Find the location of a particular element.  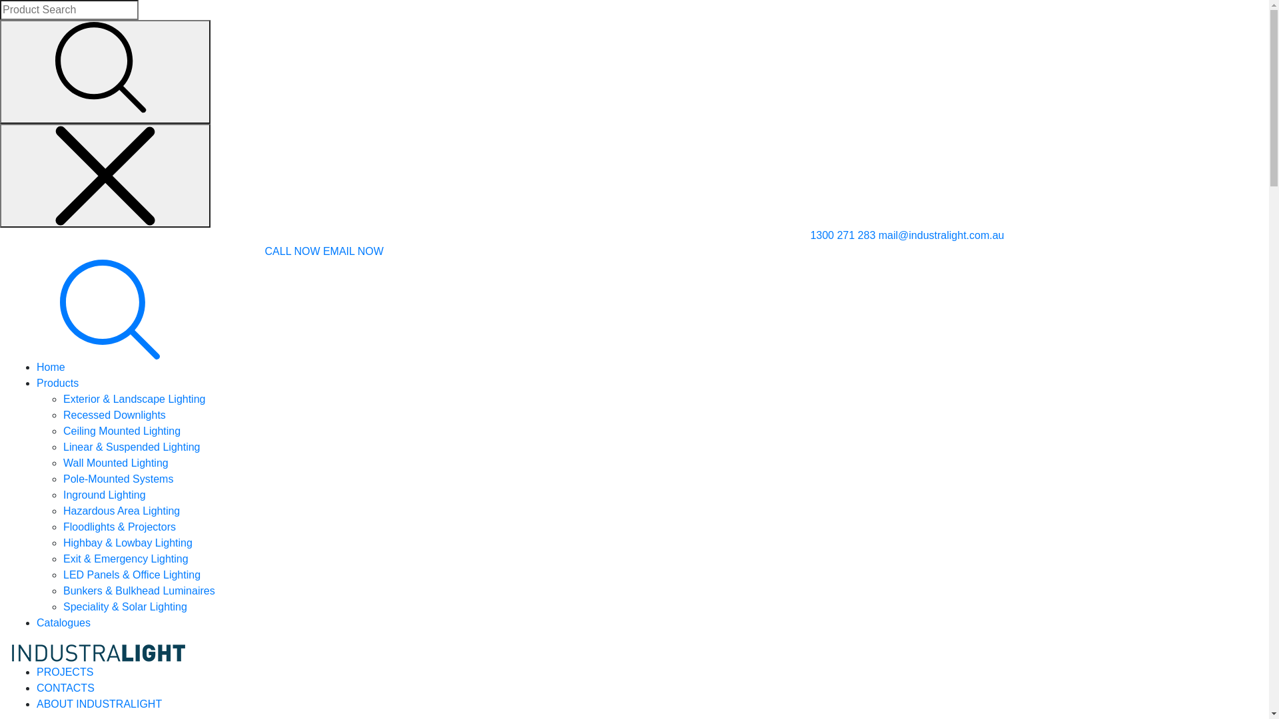

'Wall Mounted Lighting' is located at coordinates (115, 462).